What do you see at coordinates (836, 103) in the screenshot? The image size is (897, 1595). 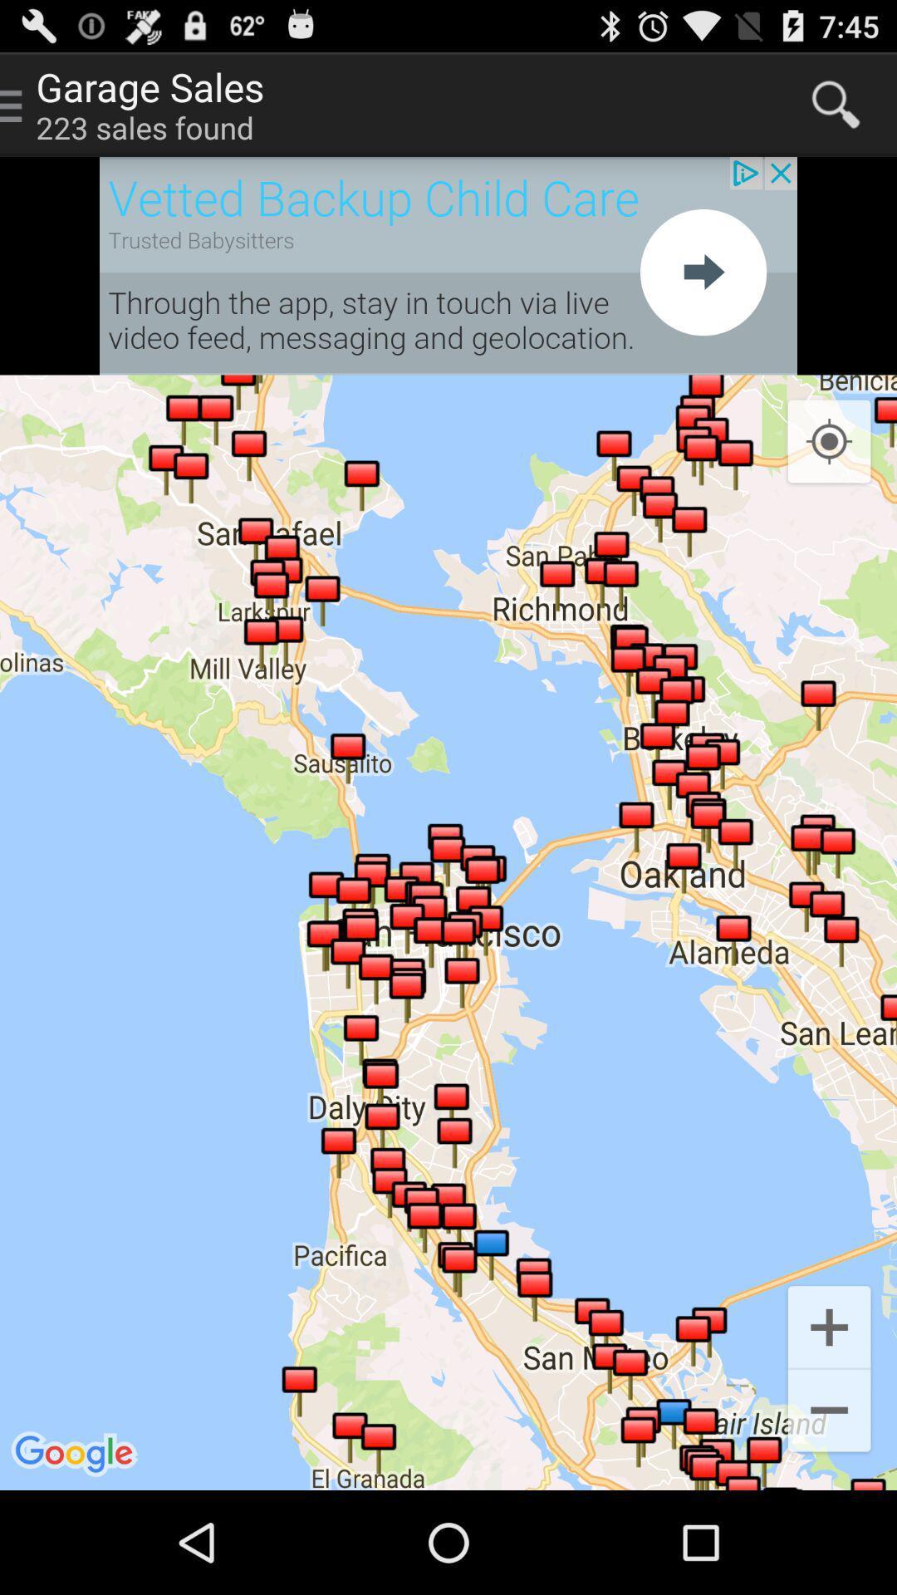 I see `search key` at bounding box center [836, 103].